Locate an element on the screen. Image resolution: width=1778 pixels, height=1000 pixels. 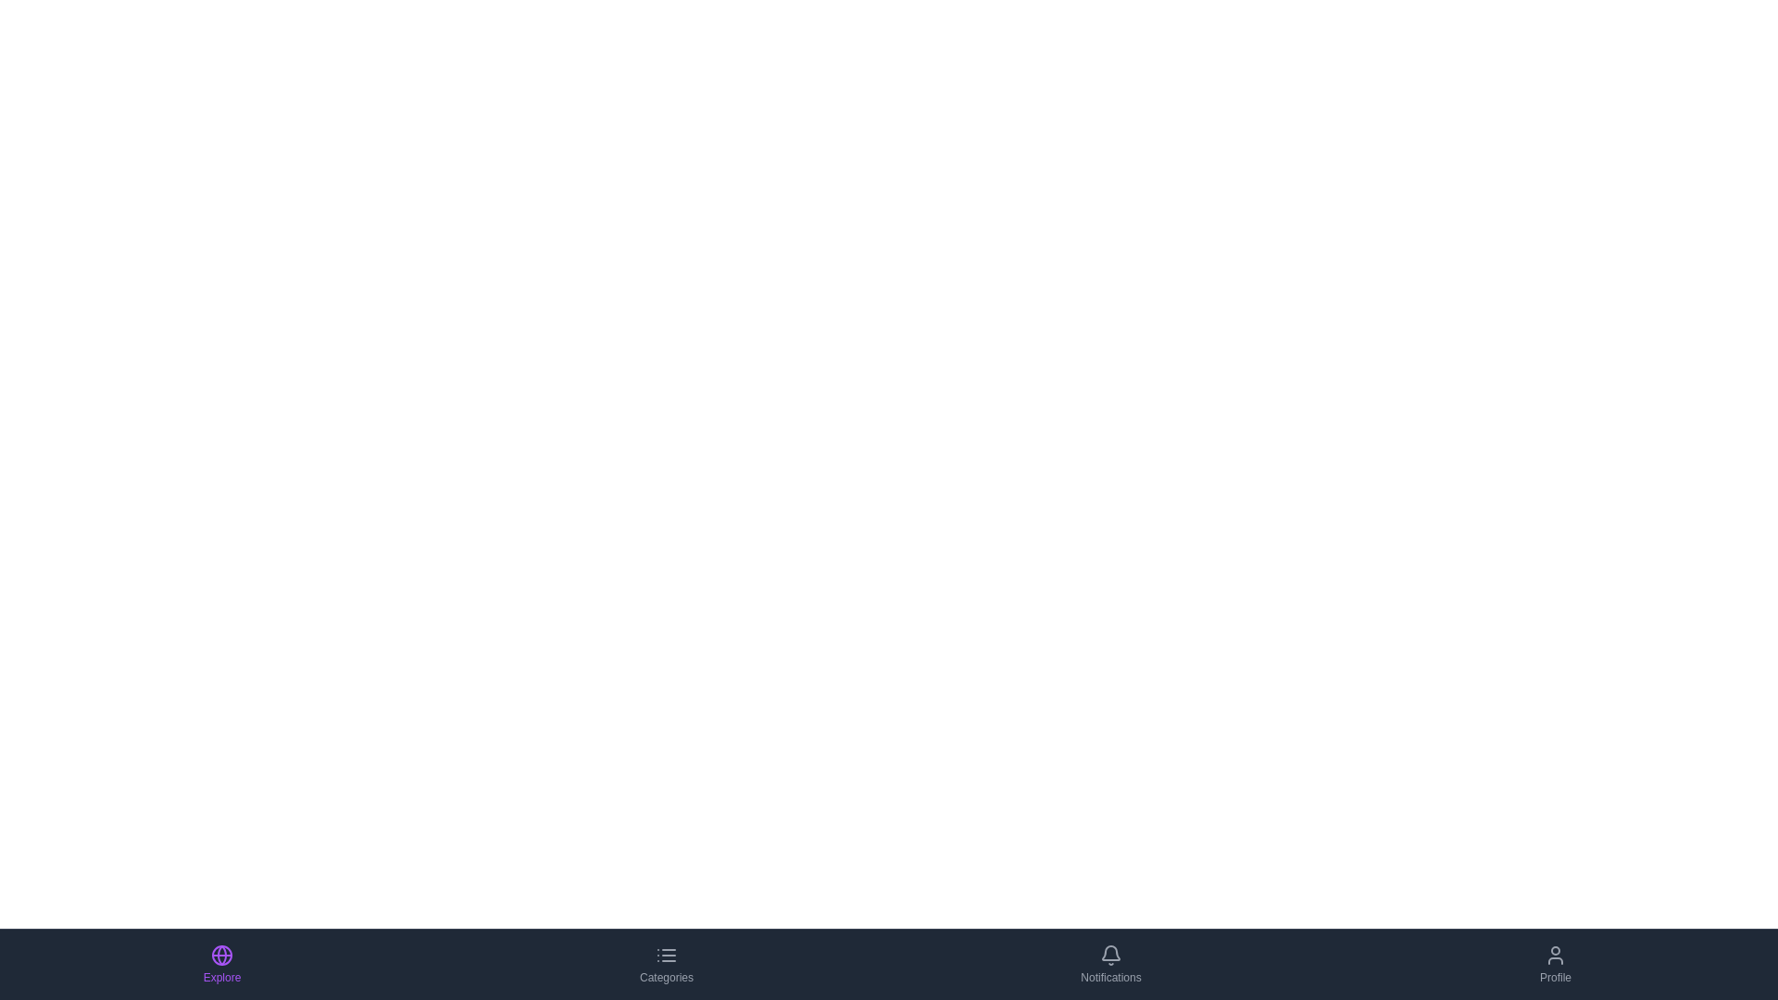
the 'Profile' text label located within the clickable 'Profile' button in the bottom navigation bar is located at coordinates (1556, 977).